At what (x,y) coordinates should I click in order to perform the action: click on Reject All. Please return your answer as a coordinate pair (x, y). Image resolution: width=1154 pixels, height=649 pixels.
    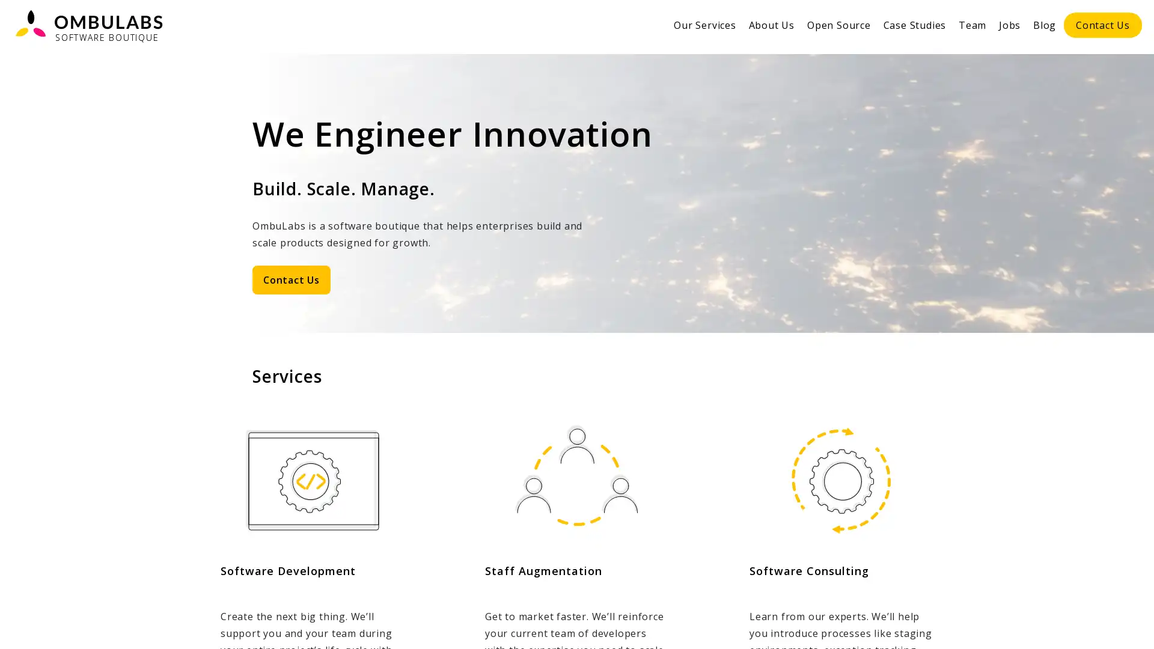
    Looking at the image, I should click on (1024, 624).